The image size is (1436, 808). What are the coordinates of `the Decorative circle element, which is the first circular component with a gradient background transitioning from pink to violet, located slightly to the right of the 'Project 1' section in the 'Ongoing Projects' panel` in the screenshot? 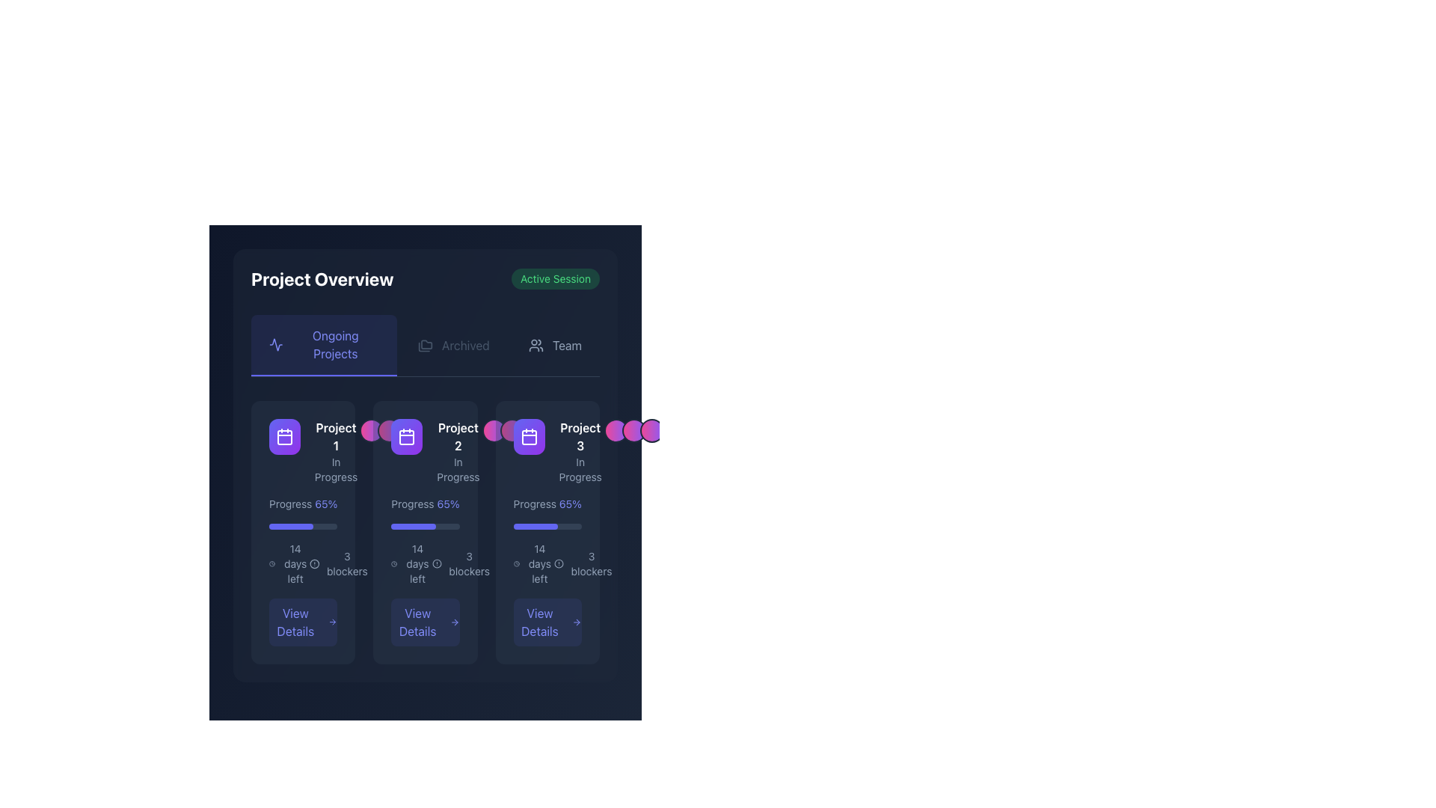 It's located at (372, 430).